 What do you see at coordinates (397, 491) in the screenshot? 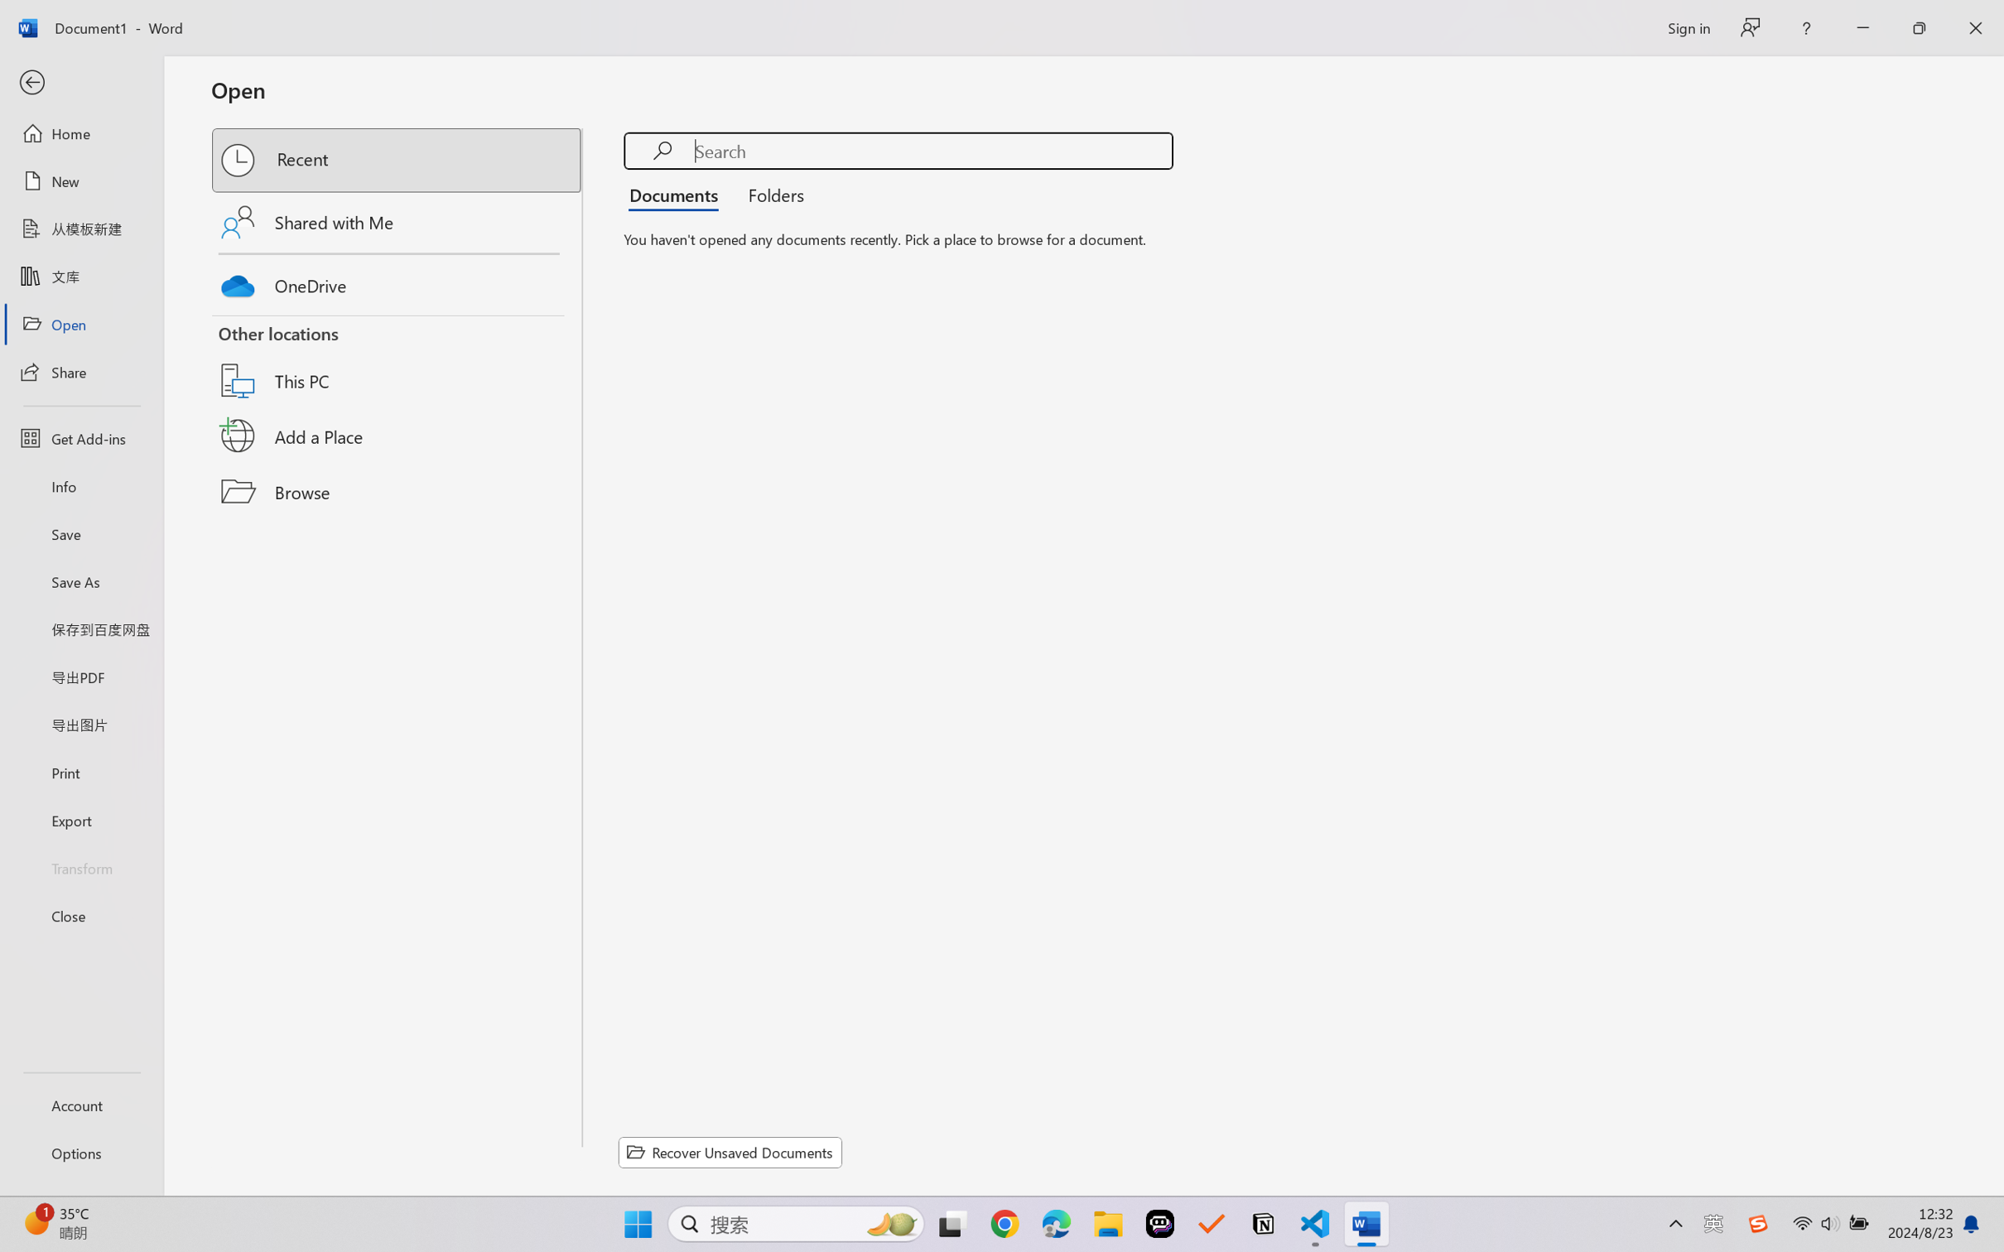
I see `'Browse'` at bounding box center [397, 491].